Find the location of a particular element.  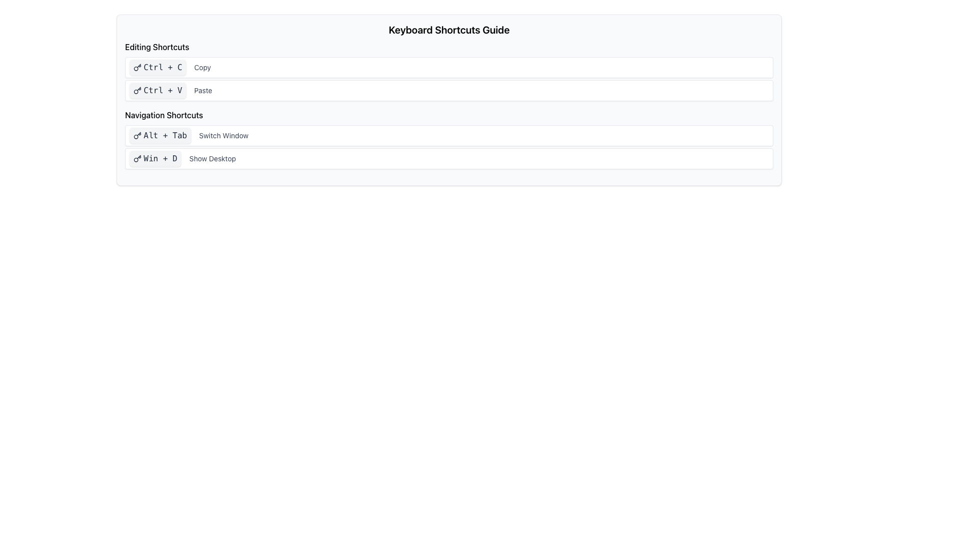

the text label 'Alt + Tab' in the second row of the 'Navigation Shortcuts' list, which indicates the keyboard shortcut for switching between windows is located at coordinates (165, 135).